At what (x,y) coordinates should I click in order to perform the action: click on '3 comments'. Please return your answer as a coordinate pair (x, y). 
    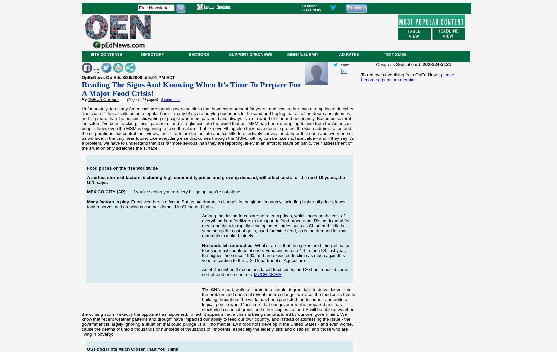
    Looking at the image, I should click on (170, 99).